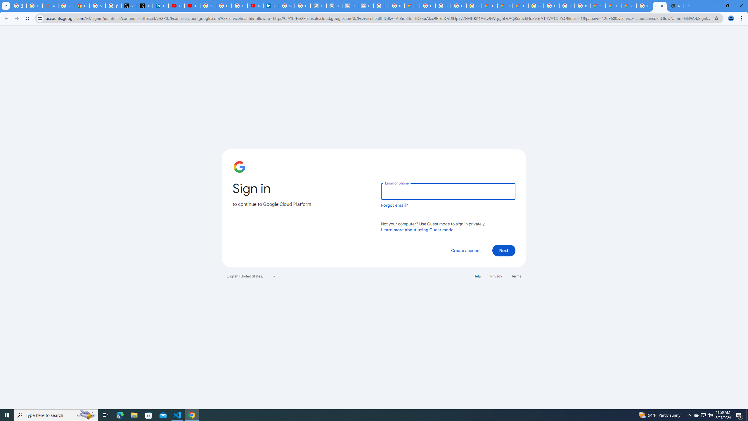 The height and width of the screenshot is (421, 748). What do you see at coordinates (176, 6) in the screenshot?
I see `'LinkedIn - YouTube'` at bounding box center [176, 6].